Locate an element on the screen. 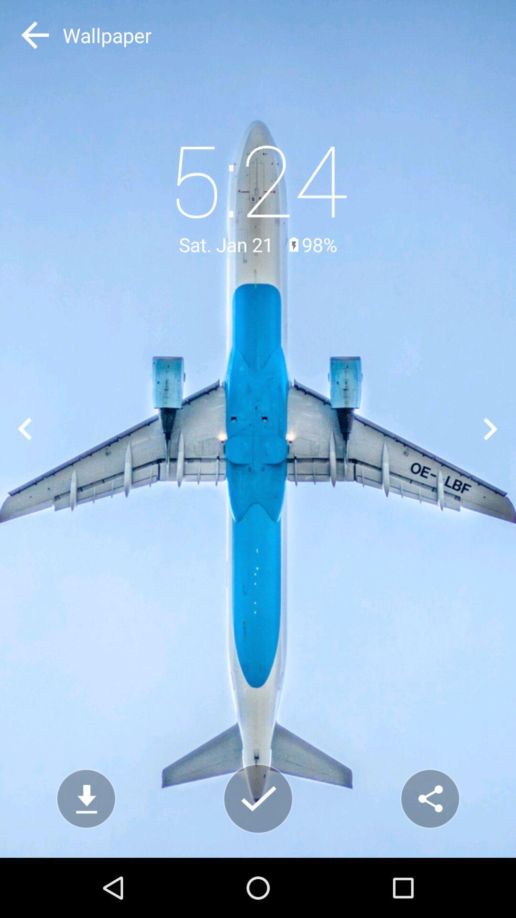 Image resolution: width=516 pixels, height=918 pixels. download is located at coordinates (86, 798).